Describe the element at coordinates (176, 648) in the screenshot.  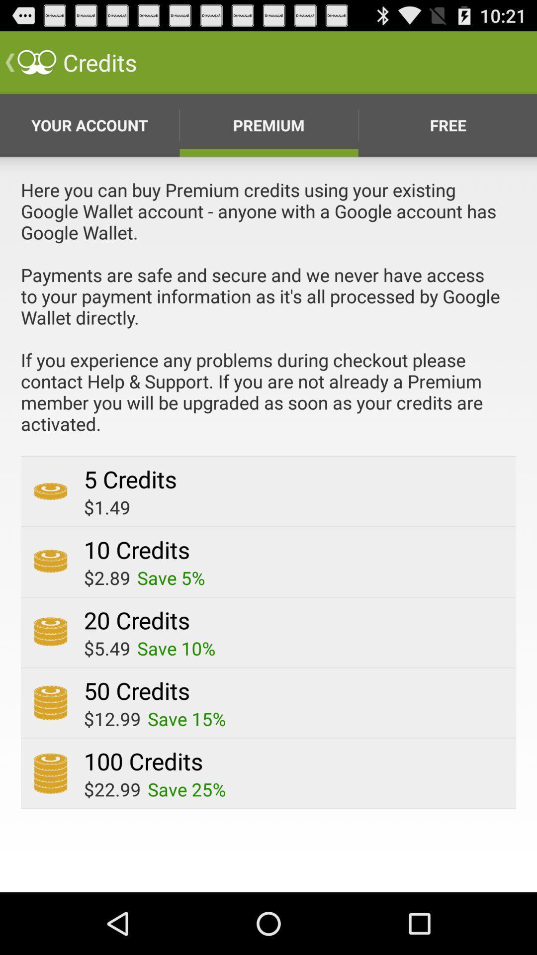
I see `app next to $5.49 app` at that location.